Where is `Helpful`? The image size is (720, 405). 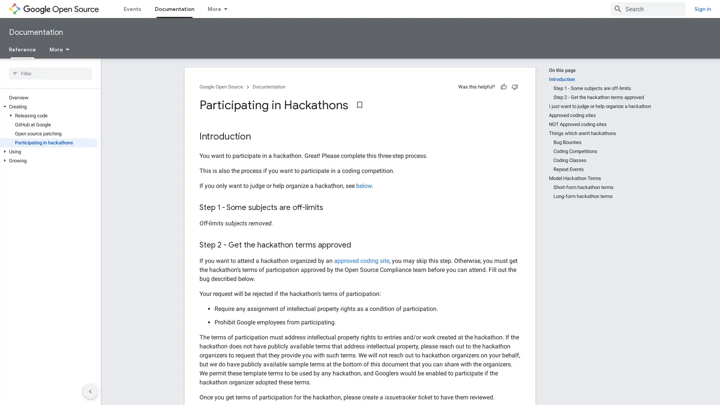 Helpful is located at coordinates (504, 86).